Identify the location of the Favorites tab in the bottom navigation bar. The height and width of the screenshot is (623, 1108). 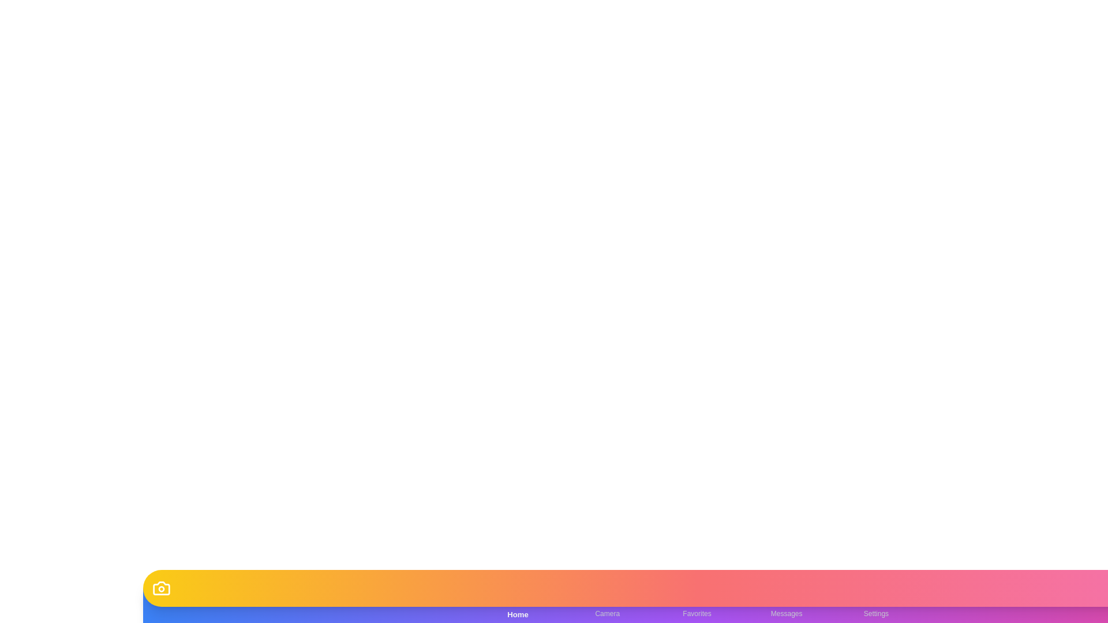
(697, 605).